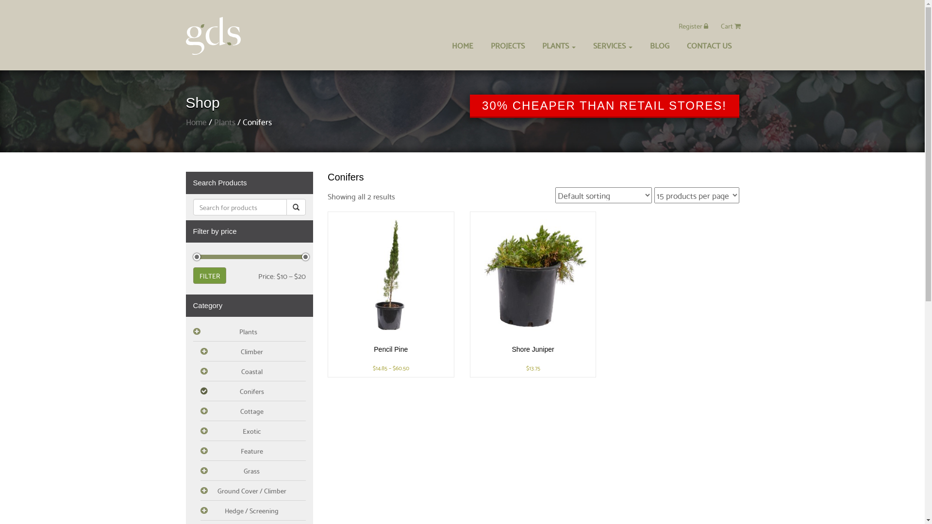 This screenshot has height=524, width=932. I want to click on 'Shore Juniper, so click(533, 294).